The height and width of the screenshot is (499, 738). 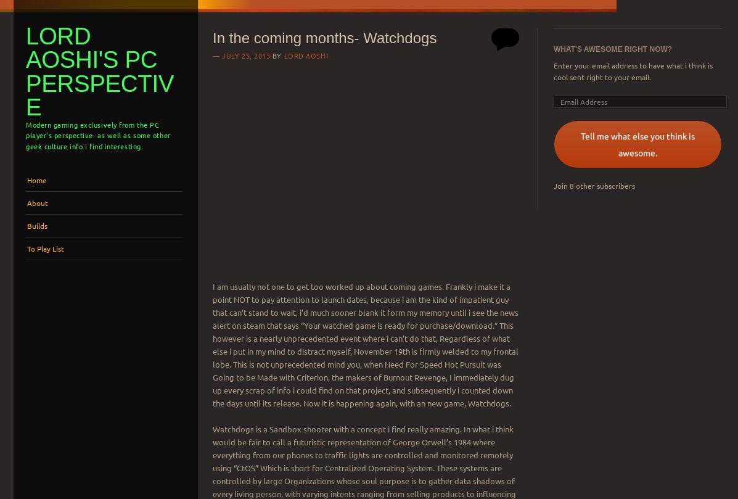 I want to click on 'Join 8 other subscribers', so click(x=592, y=186).